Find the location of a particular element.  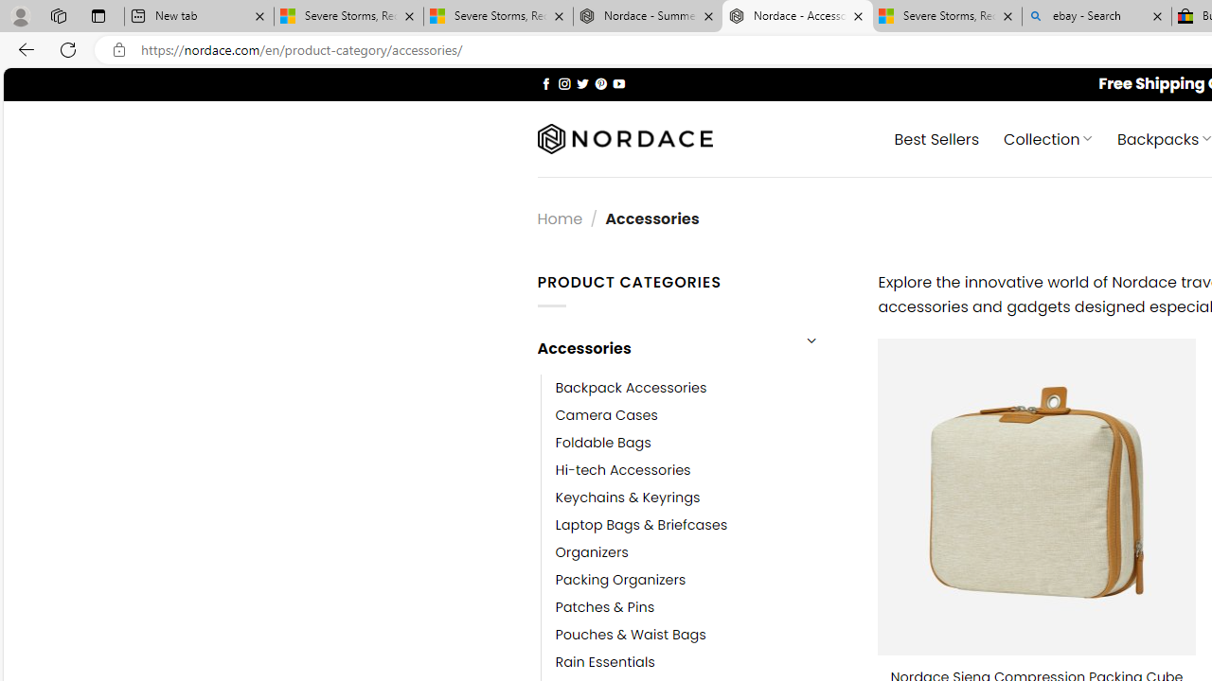

'Home' is located at coordinates (559, 218).